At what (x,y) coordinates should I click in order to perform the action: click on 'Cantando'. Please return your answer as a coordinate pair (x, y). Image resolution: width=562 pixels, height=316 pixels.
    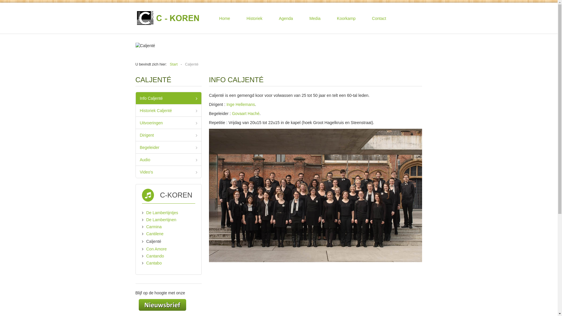
    Looking at the image, I should click on (155, 256).